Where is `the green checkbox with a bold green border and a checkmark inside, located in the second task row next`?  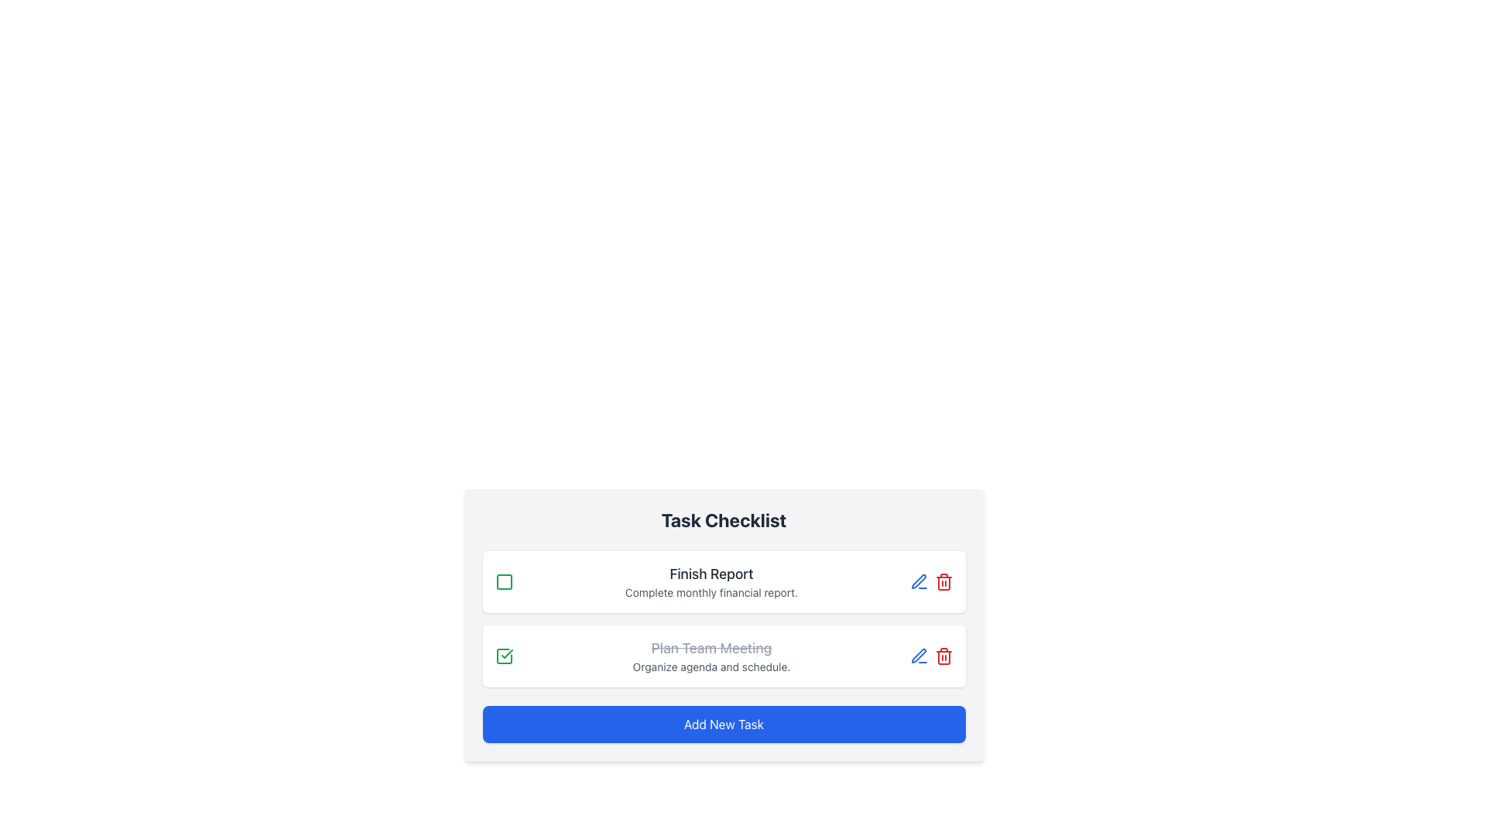
the green checkbox with a bold green border and a checkmark inside, located in the second task row next is located at coordinates (504, 656).